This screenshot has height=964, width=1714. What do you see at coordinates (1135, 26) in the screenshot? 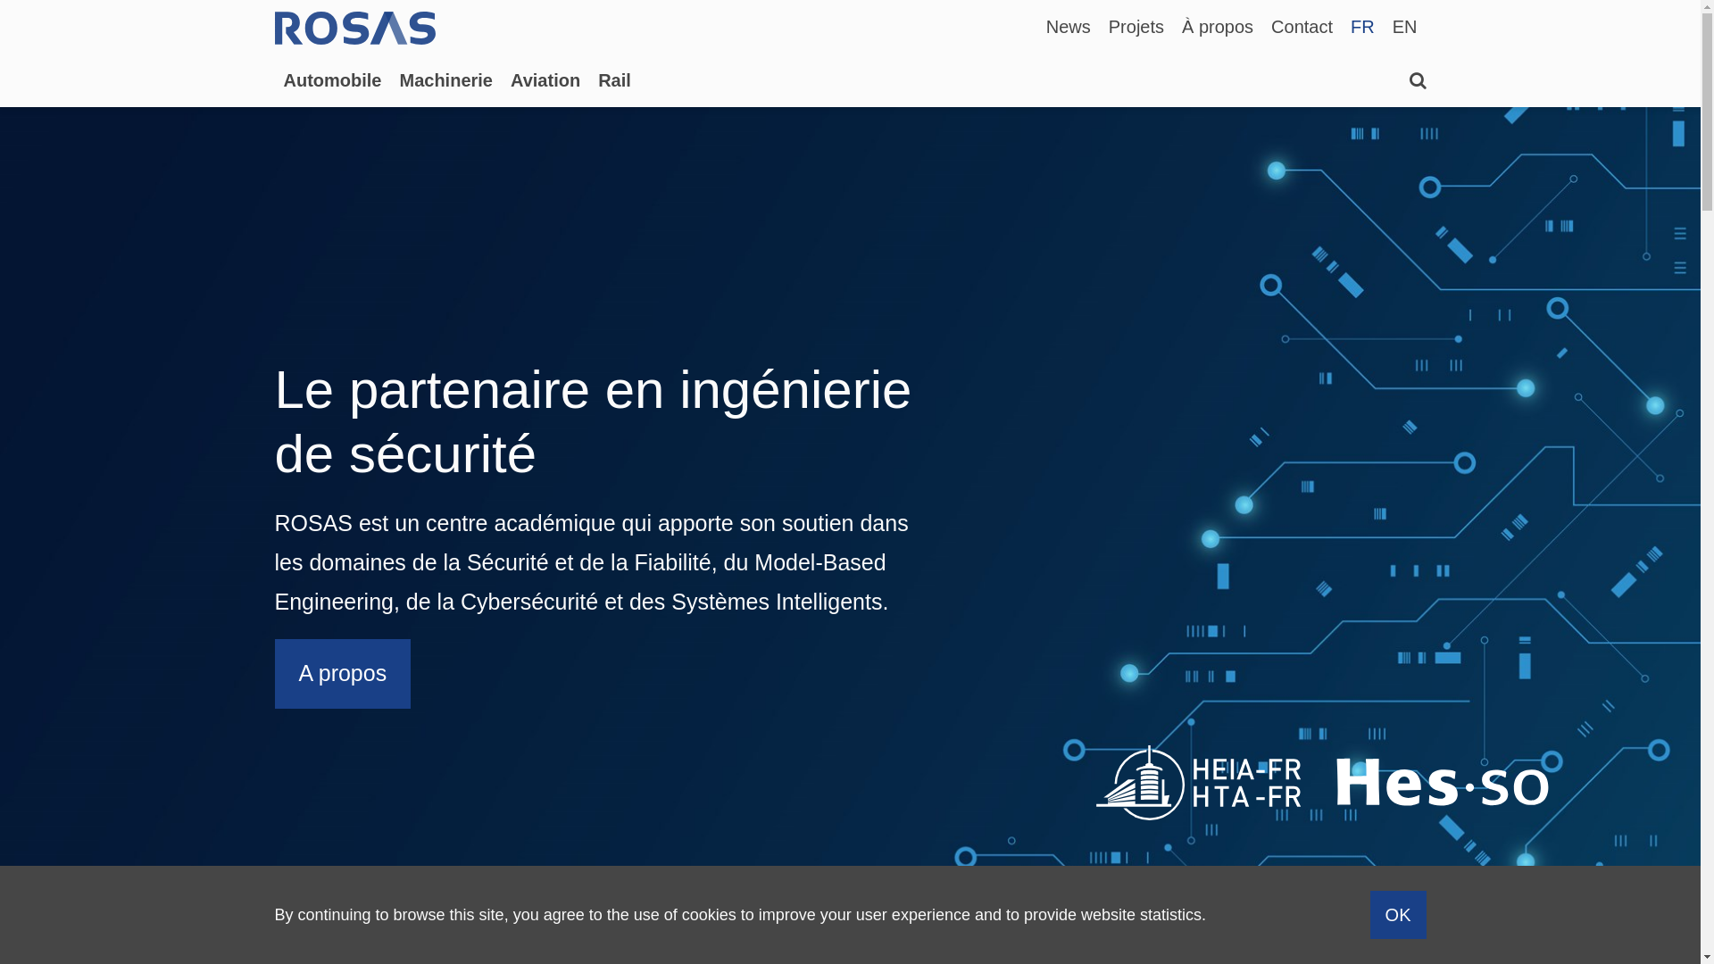
I see `'Projets'` at bounding box center [1135, 26].